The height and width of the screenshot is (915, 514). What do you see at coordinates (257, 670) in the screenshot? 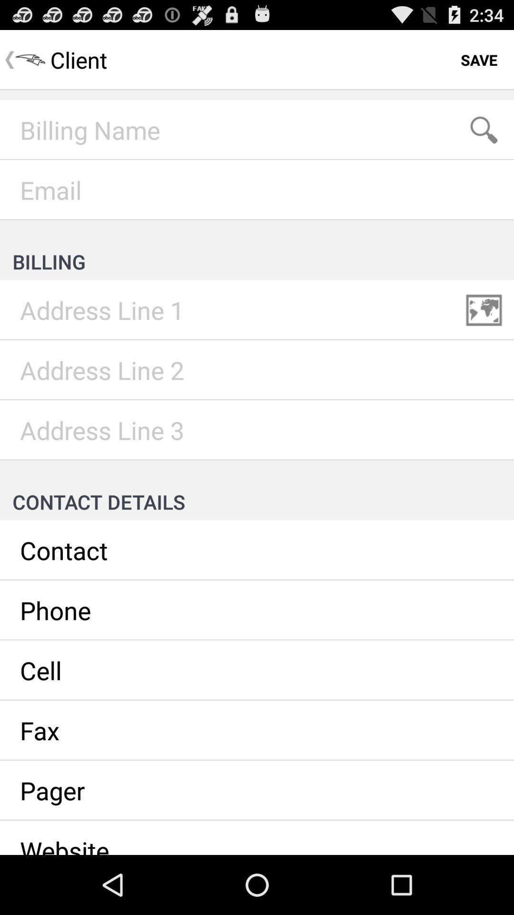
I see `chose cell` at bounding box center [257, 670].